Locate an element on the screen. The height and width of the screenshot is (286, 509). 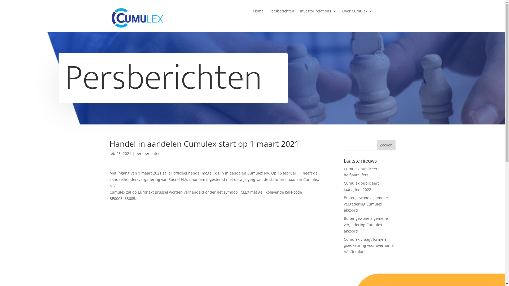
'Over Cumulex' is located at coordinates (357, 12).